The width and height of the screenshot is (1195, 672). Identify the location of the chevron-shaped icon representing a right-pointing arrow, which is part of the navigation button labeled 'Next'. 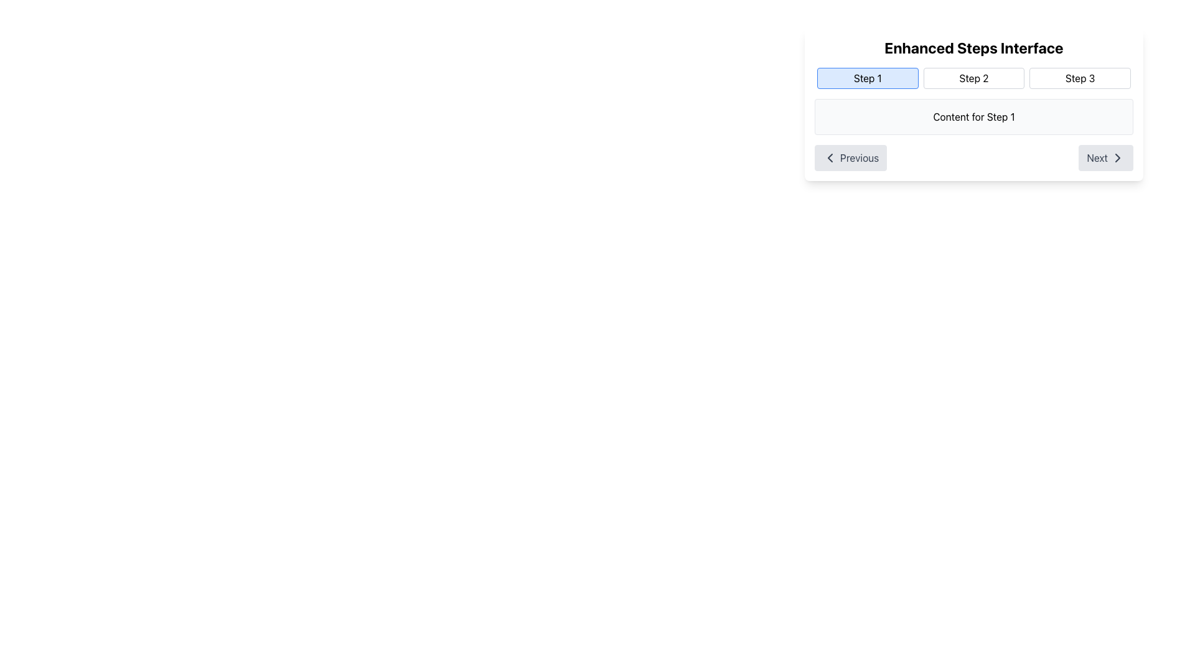
(1117, 157).